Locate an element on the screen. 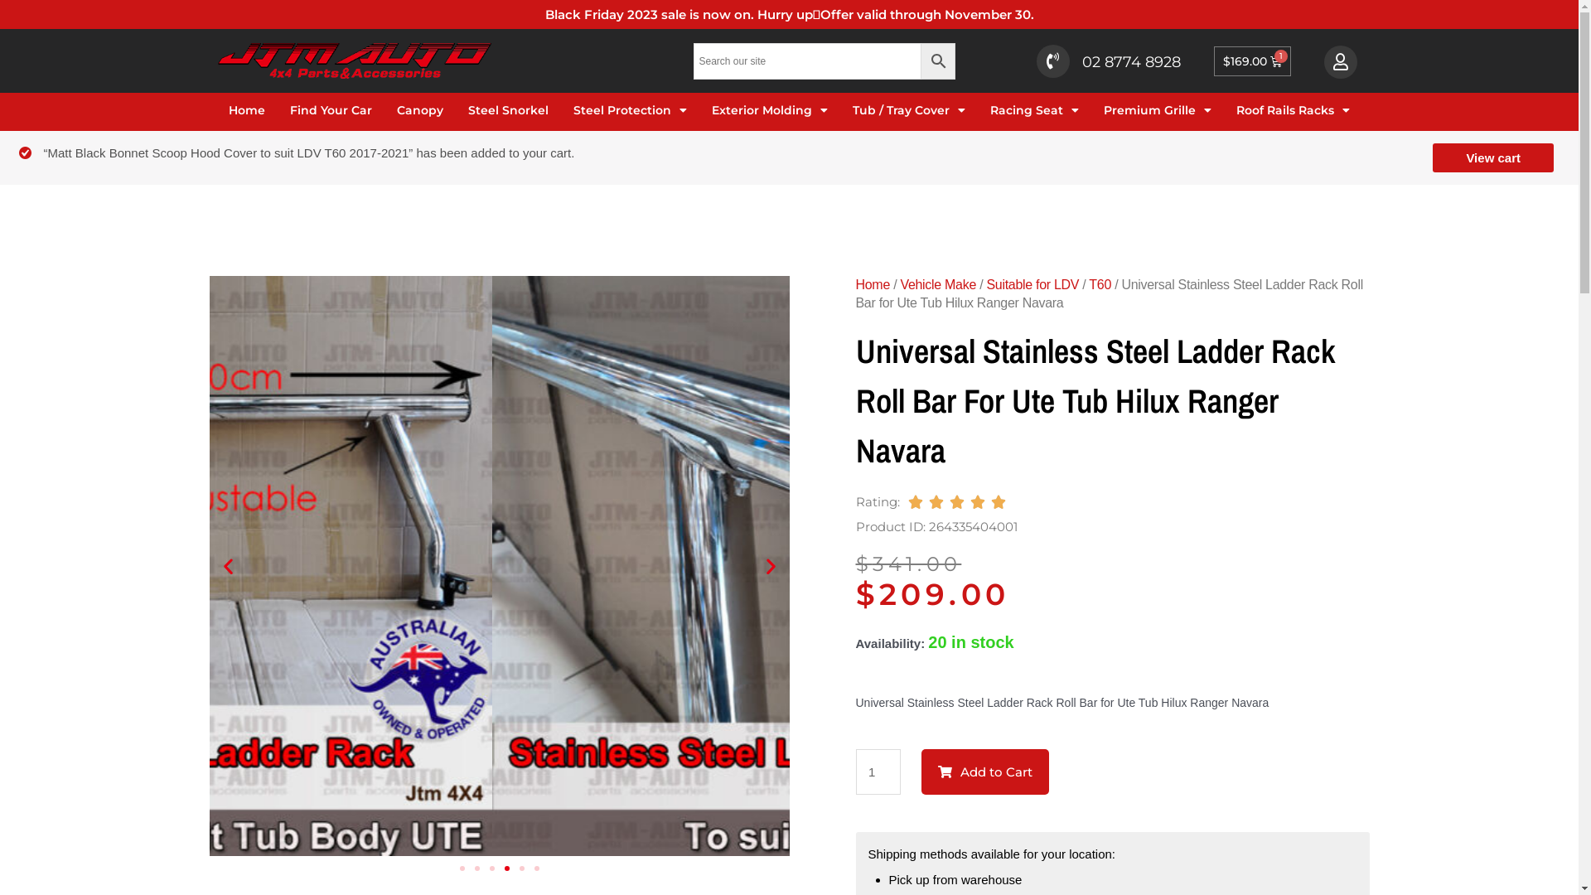  'Canopy' is located at coordinates (396, 110).